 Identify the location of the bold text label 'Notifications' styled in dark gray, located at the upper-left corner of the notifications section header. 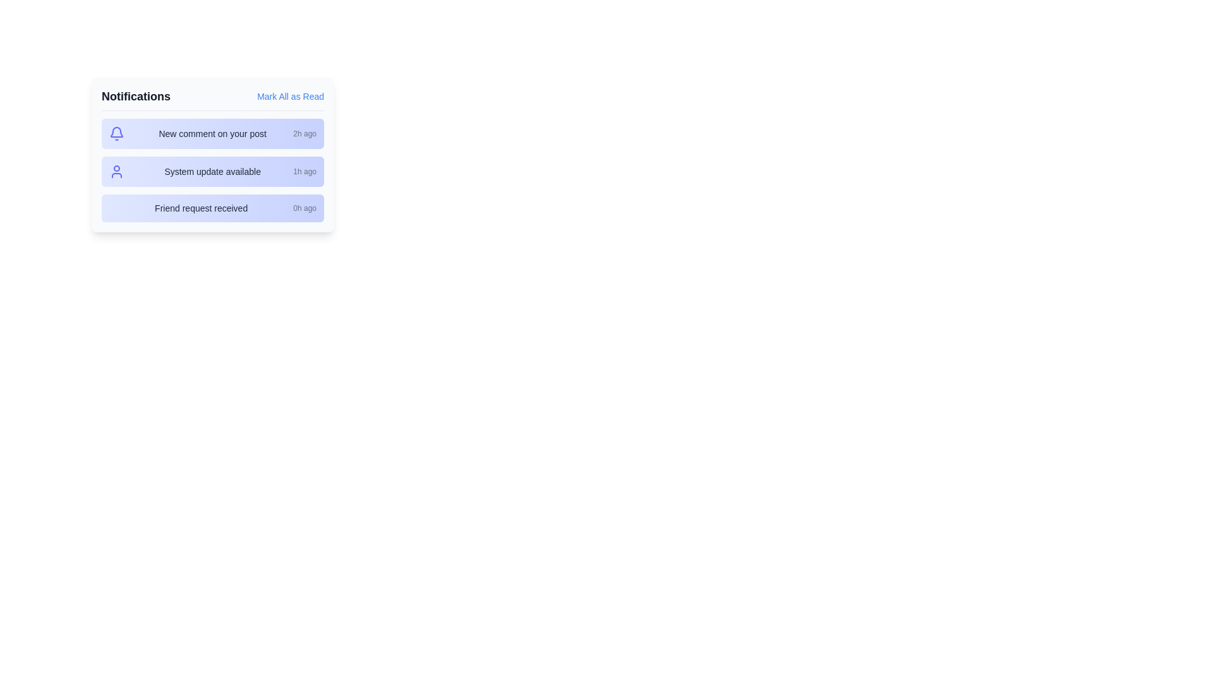
(136, 96).